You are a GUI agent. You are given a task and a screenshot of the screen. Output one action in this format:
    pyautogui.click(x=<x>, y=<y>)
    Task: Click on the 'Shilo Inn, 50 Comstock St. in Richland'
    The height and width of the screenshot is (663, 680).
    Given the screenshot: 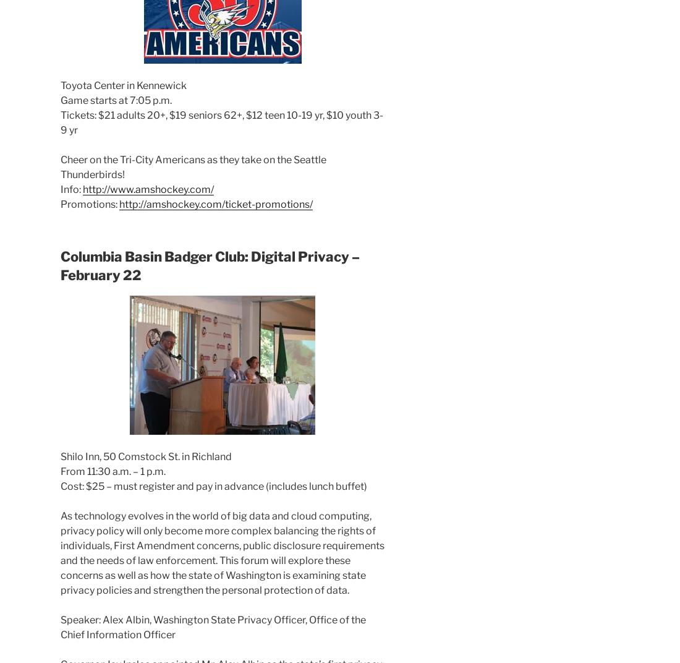 What is the action you would take?
    pyautogui.click(x=146, y=455)
    